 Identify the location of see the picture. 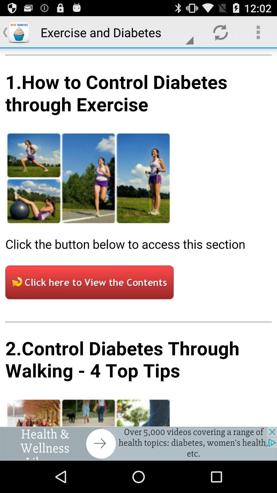
(138, 237).